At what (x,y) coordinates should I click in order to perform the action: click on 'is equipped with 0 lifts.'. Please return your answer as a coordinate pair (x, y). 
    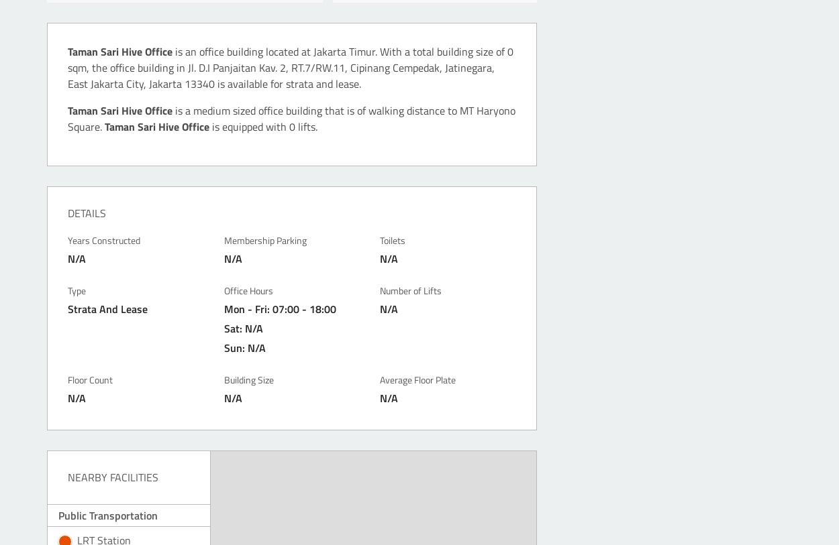
    Looking at the image, I should click on (263, 125).